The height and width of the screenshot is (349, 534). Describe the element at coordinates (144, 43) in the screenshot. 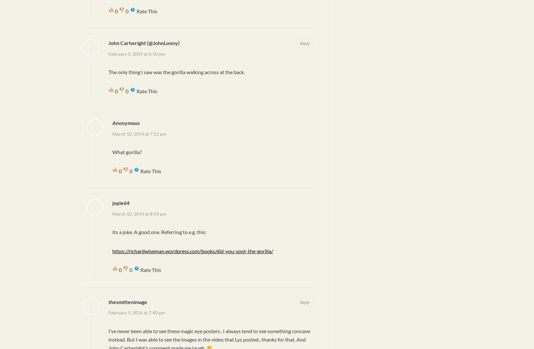

I see `'John Cartwright (@JohnLoony)'` at that location.